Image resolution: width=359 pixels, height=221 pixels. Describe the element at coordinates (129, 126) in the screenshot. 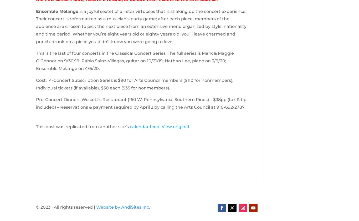

I see `'calendar feed'` at that location.